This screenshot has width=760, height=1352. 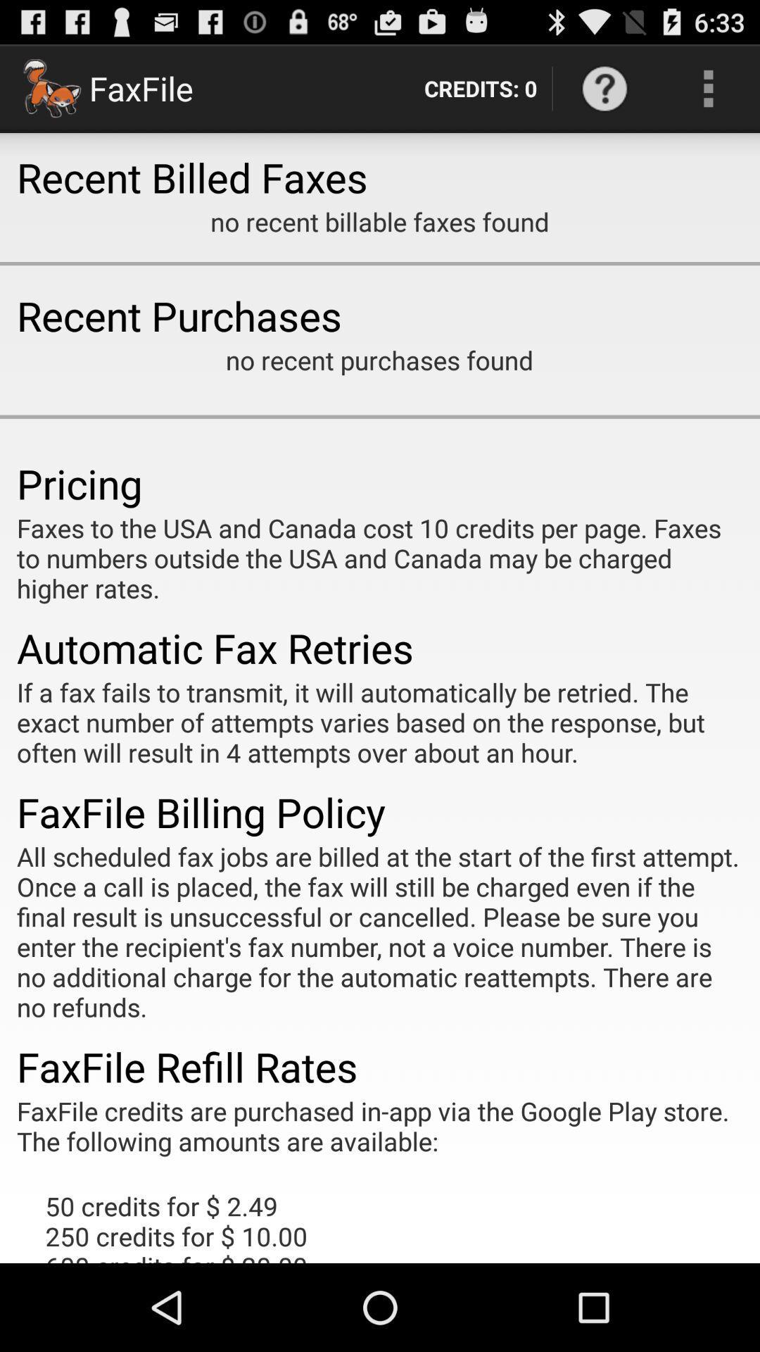 What do you see at coordinates (480, 87) in the screenshot?
I see `credits: 0 item` at bounding box center [480, 87].